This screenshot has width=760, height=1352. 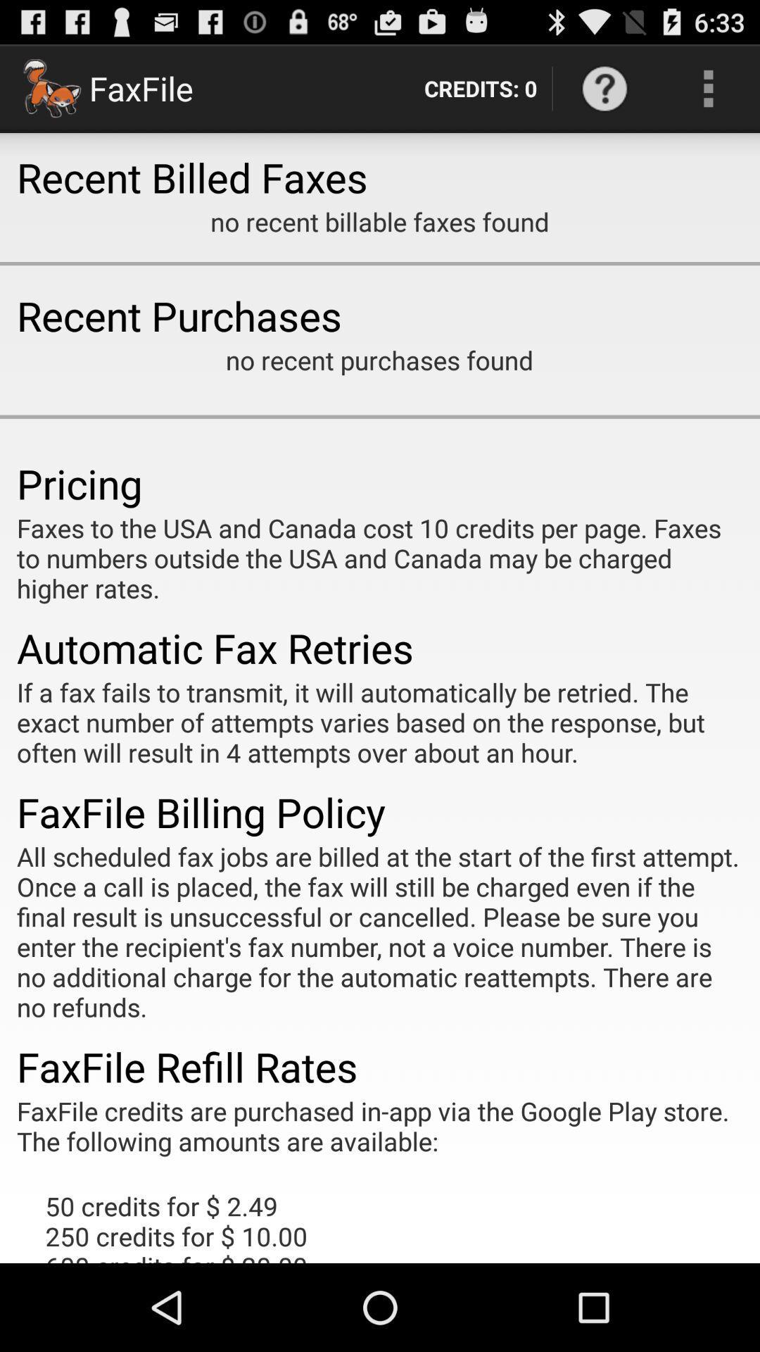 What do you see at coordinates (480, 87) in the screenshot?
I see `credits: 0 item` at bounding box center [480, 87].